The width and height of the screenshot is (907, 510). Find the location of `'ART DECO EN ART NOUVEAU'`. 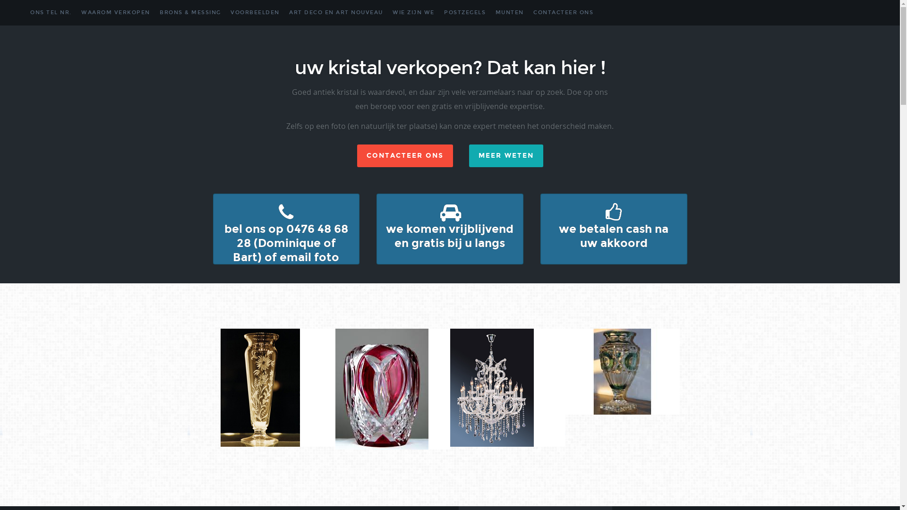

'ART DECO EN ART NOUVEAU' is located at coordinates (285, 13).